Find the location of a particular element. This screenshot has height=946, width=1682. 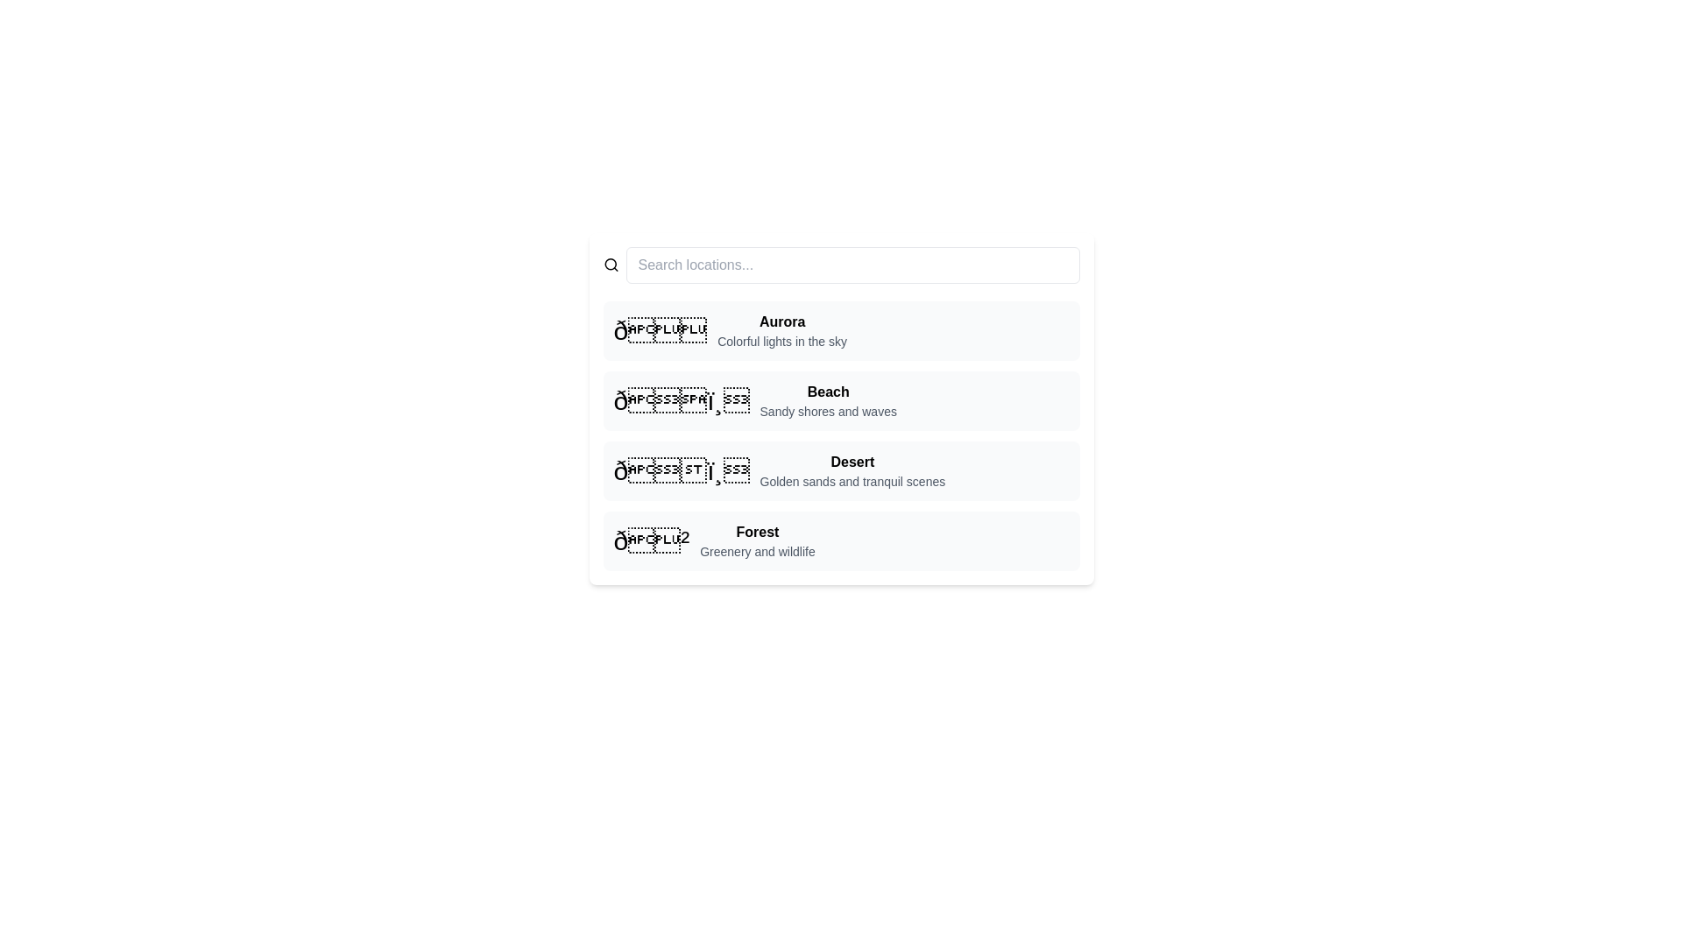

the selectable list item that features a desert emoji, the bold text 'Desert', and the description 'Golden sands and tranquil scenes' is located at coordinates (841, 469).